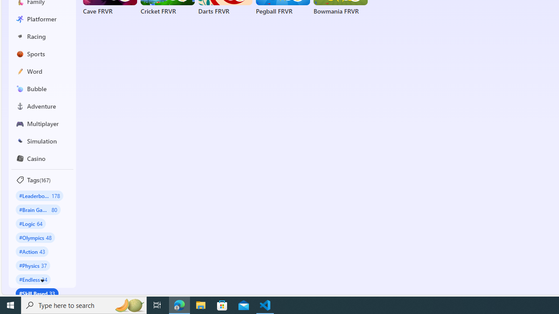 This screenshot has height=314, width=559. I want to click on '#Endless 34', so click(33, 279).